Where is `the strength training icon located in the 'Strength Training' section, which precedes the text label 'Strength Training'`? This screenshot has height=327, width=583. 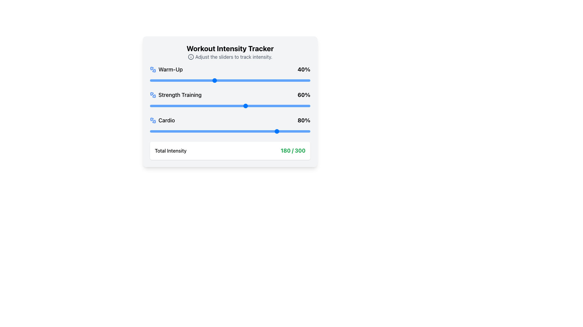 the strength training icon located in the 'Strength Training' section, which precedes the text label 'Strength Training' is located at coordinates (153, 95).